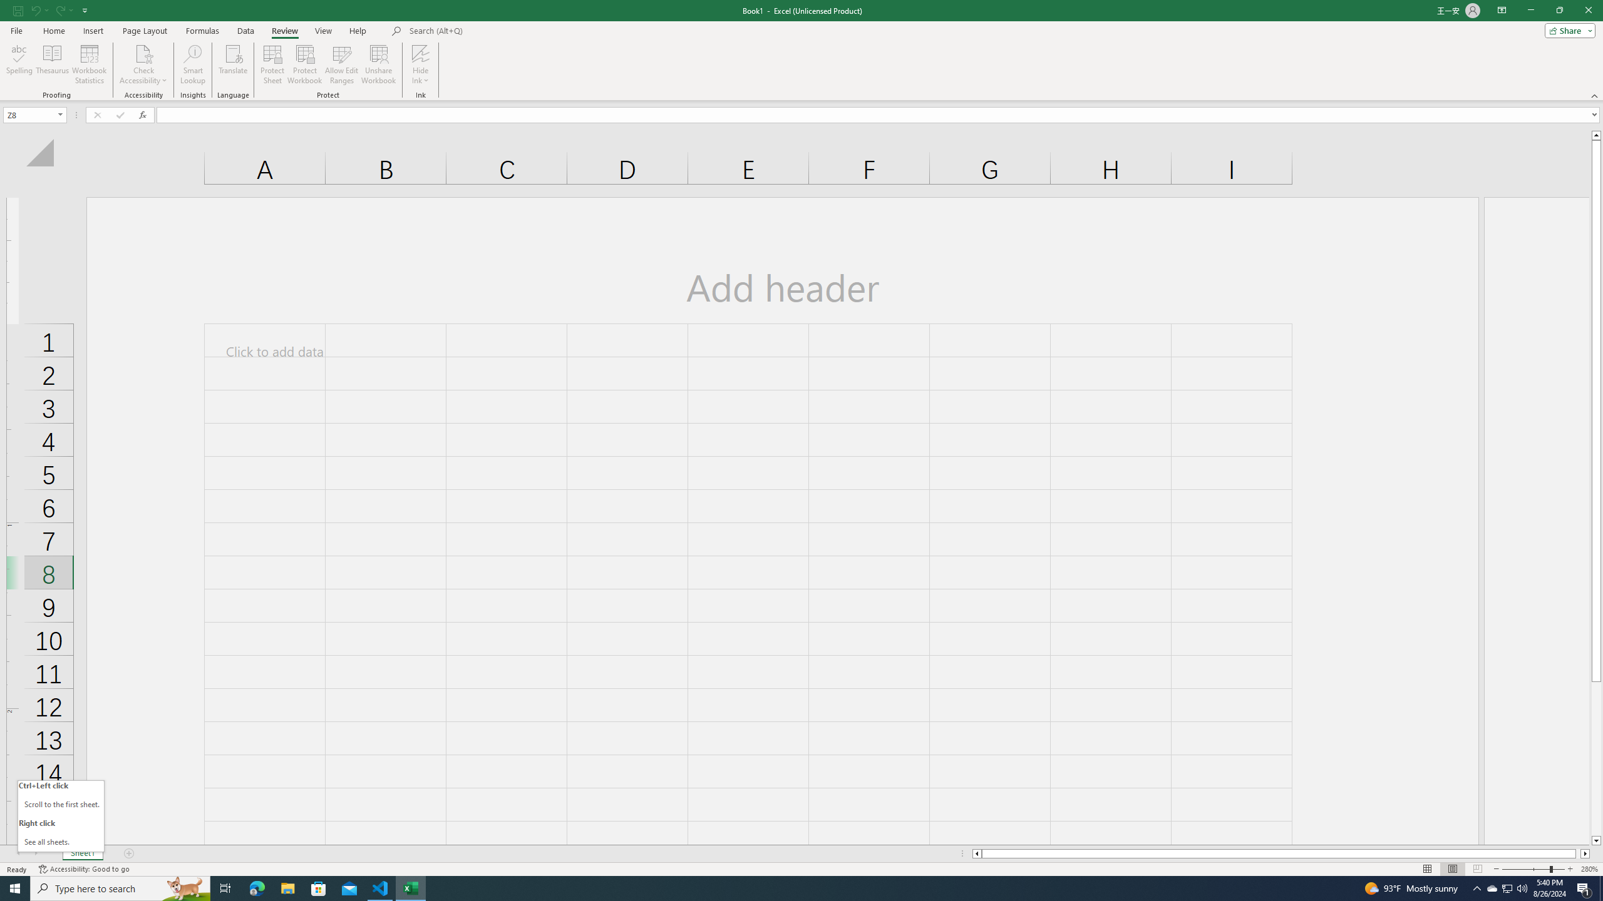 This screenshot has width=1603, height=901. I want to click on 'Page Layout', so click(145, 31).